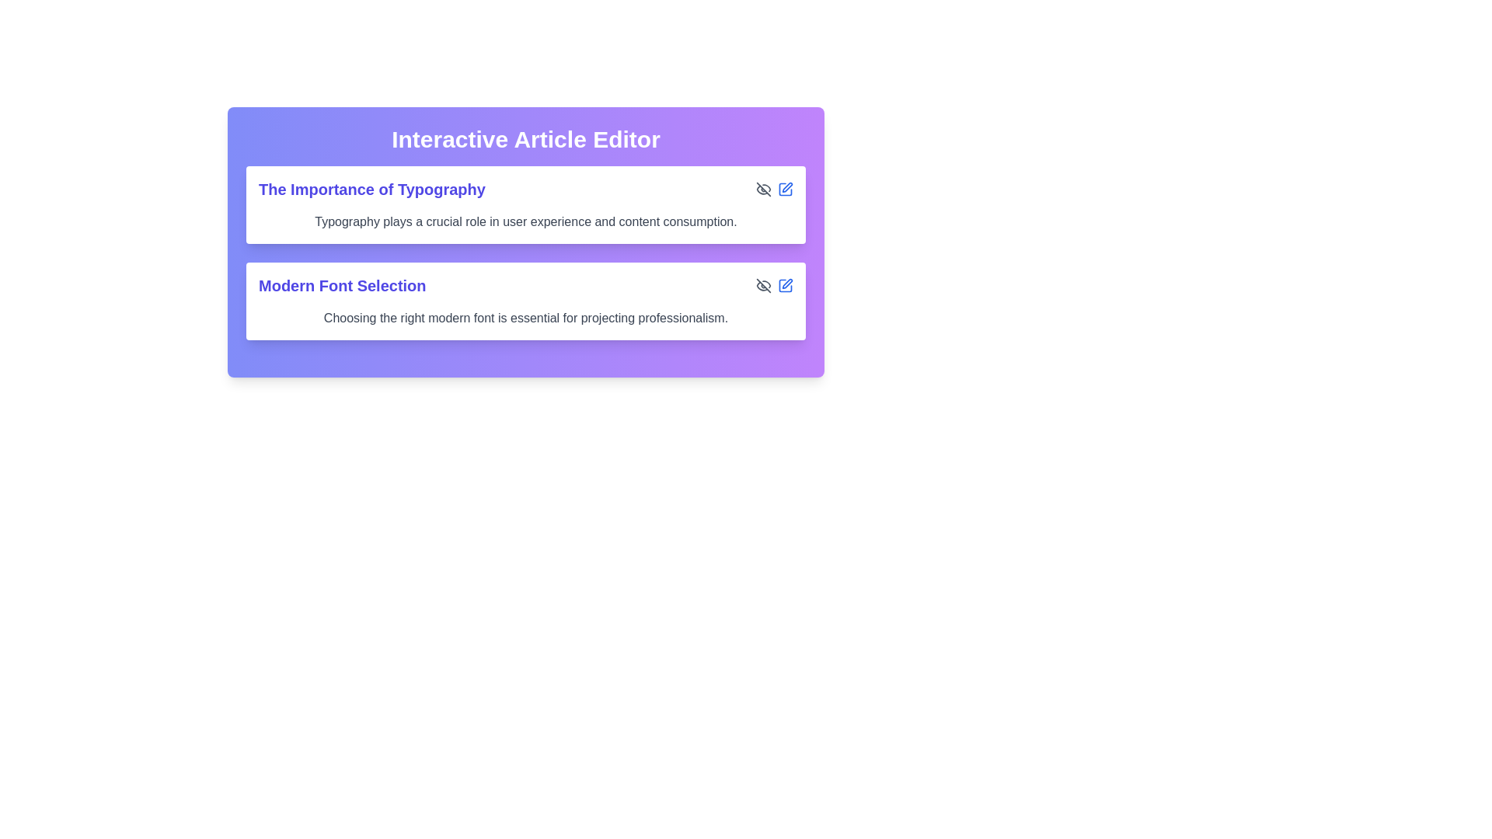  Describe the element at coordinates (341, 285) in the screenshot. I see `the text label displaying 'Modern Font Selection', which is styled in bold indigo serif font and located in the second section of the Interactive Article Editor panel` at that location.